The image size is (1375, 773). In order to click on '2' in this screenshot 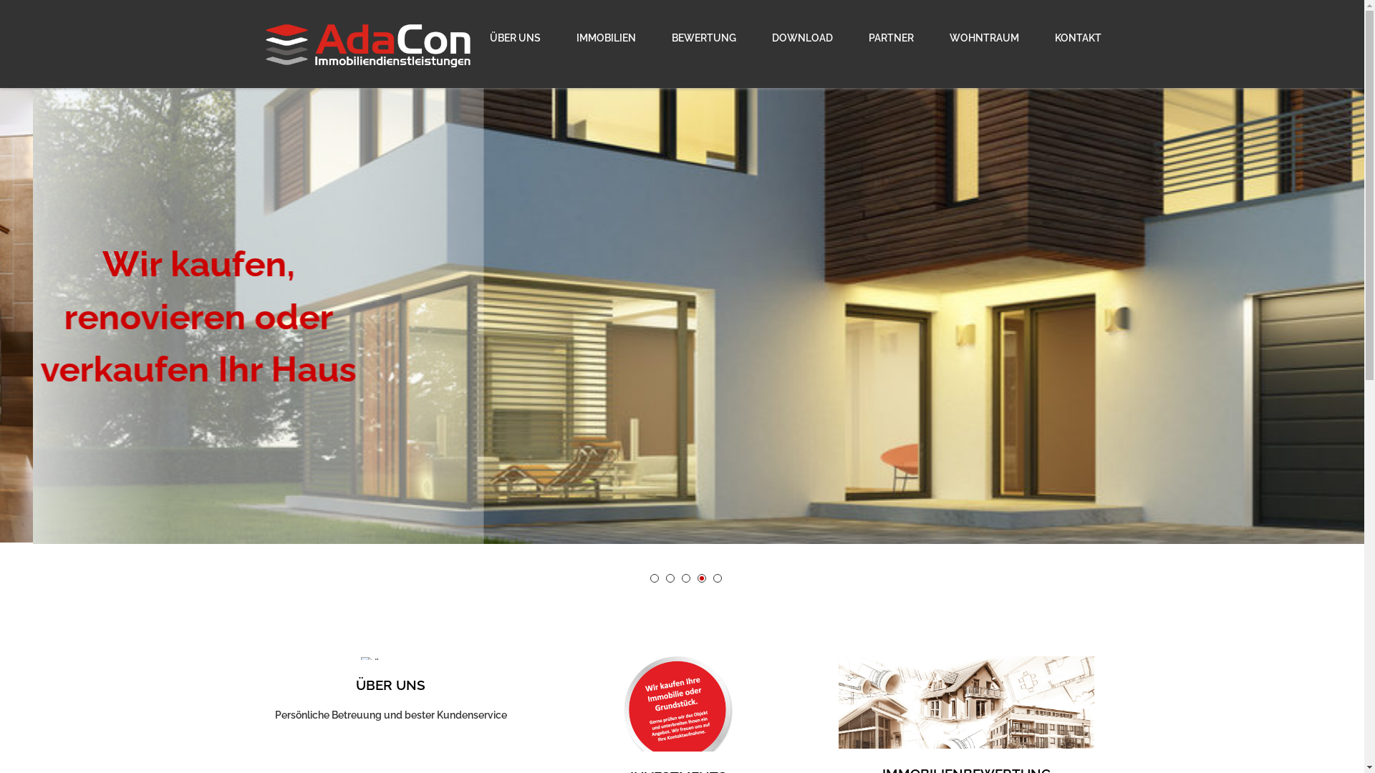, I will do `click(670, 577)`.